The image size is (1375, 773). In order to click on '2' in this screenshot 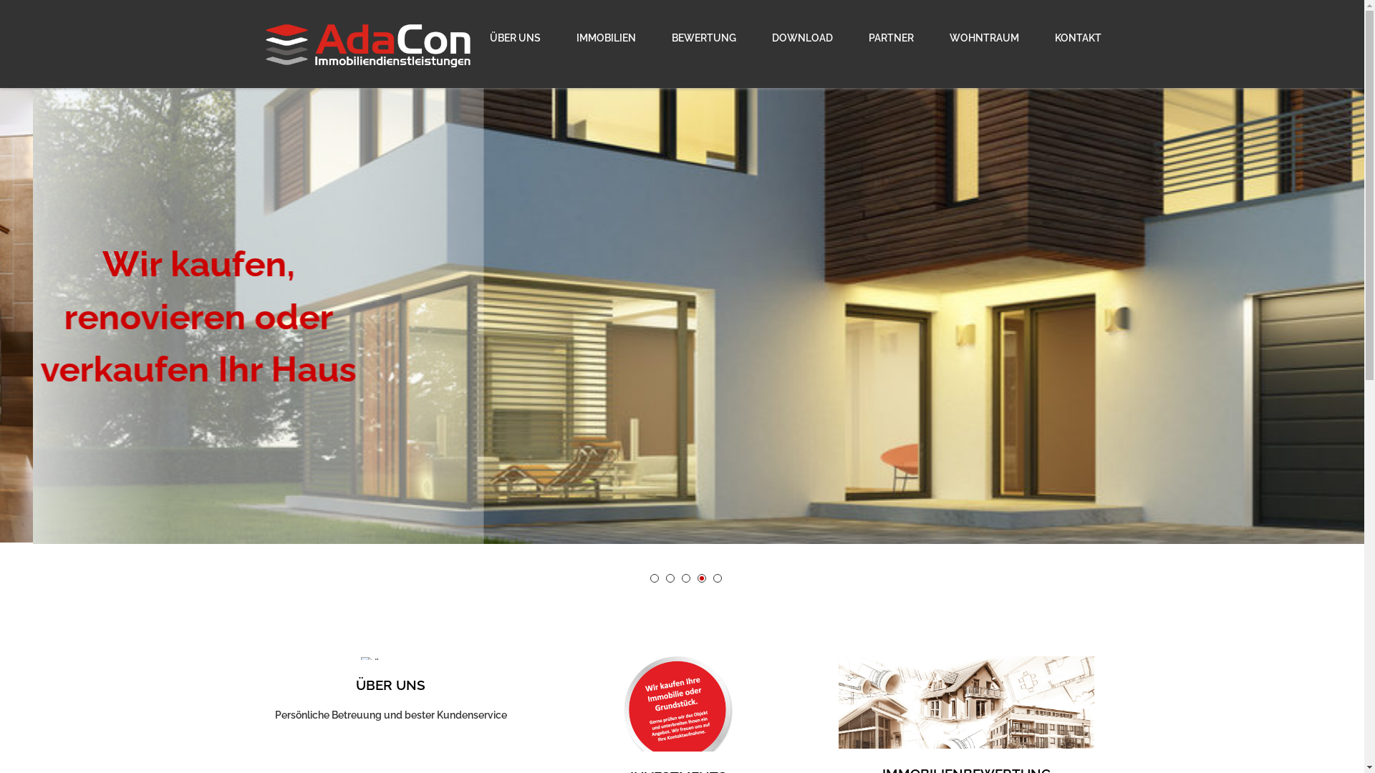, I will do `click(670, 577)`.